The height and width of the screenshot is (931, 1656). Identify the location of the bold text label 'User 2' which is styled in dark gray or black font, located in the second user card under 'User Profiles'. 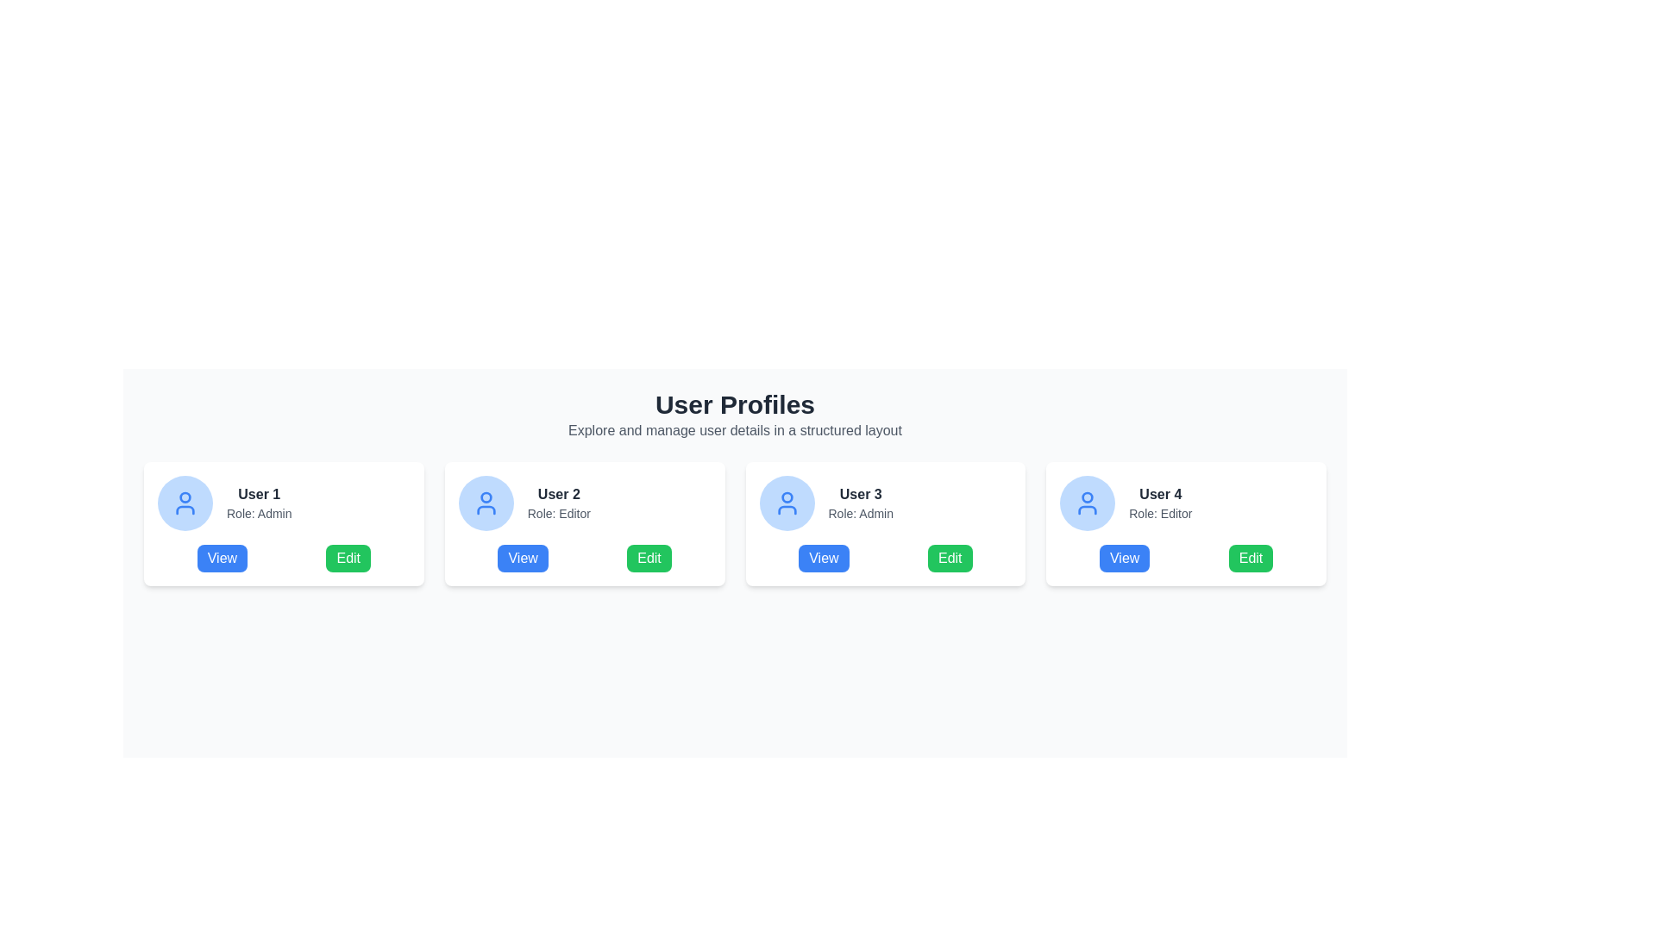
(559, 495).